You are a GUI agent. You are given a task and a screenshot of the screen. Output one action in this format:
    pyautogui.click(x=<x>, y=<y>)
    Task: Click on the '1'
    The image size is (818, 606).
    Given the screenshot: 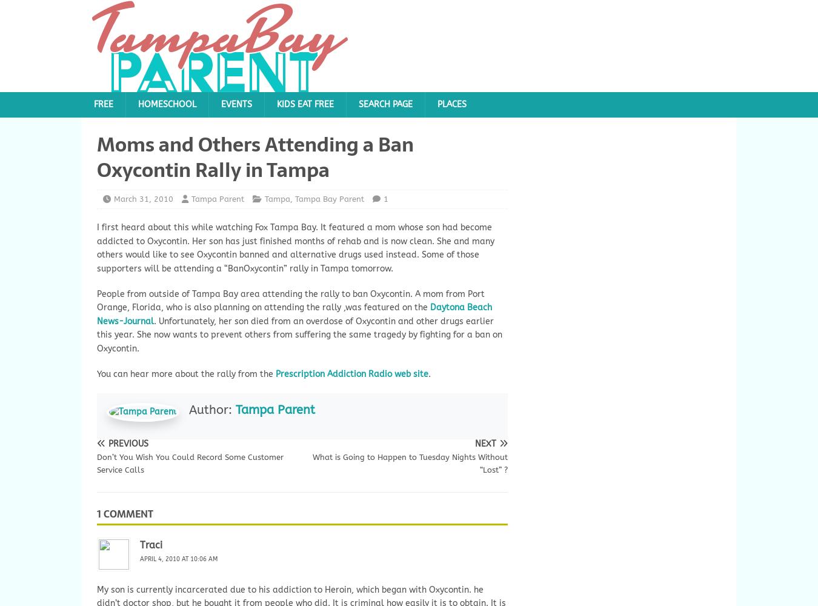 What is the action you would take?
    pyautogui.click(x=386, y=198)
    